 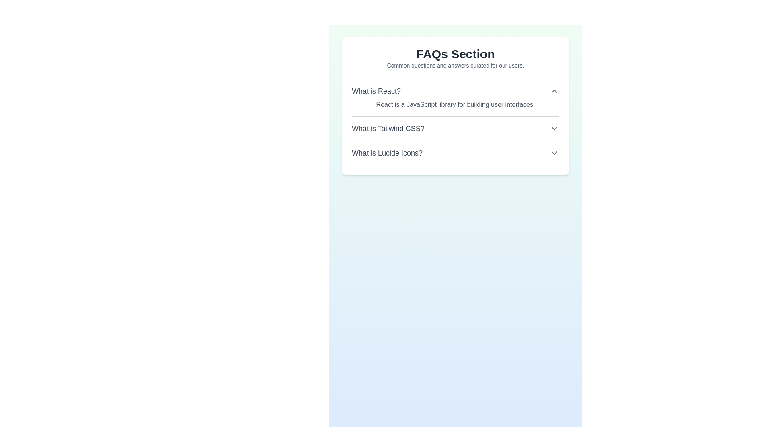 I want to click on the question titled 'What is Tailwind CSS?' in the FAQ section, so click(x=455, y=128).